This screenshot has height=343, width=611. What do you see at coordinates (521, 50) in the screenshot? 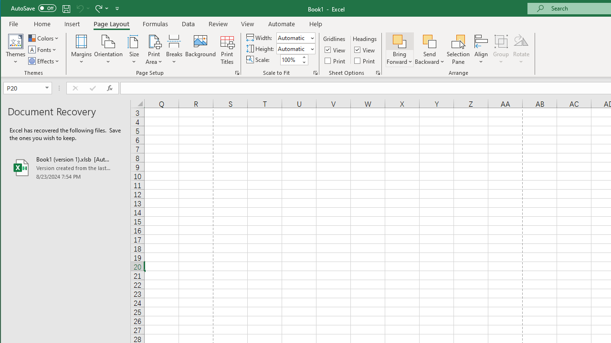
I see `'Rotate'` at bounding box center [521, 50].